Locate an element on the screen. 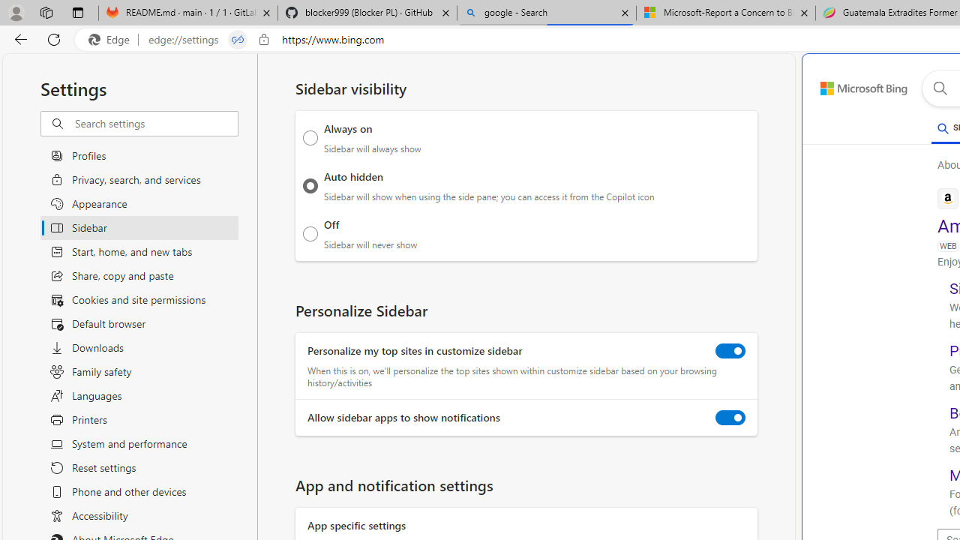 This screenshot has height=540, width=960. 'Back to Bing search' is located at coordinates (854, 85).